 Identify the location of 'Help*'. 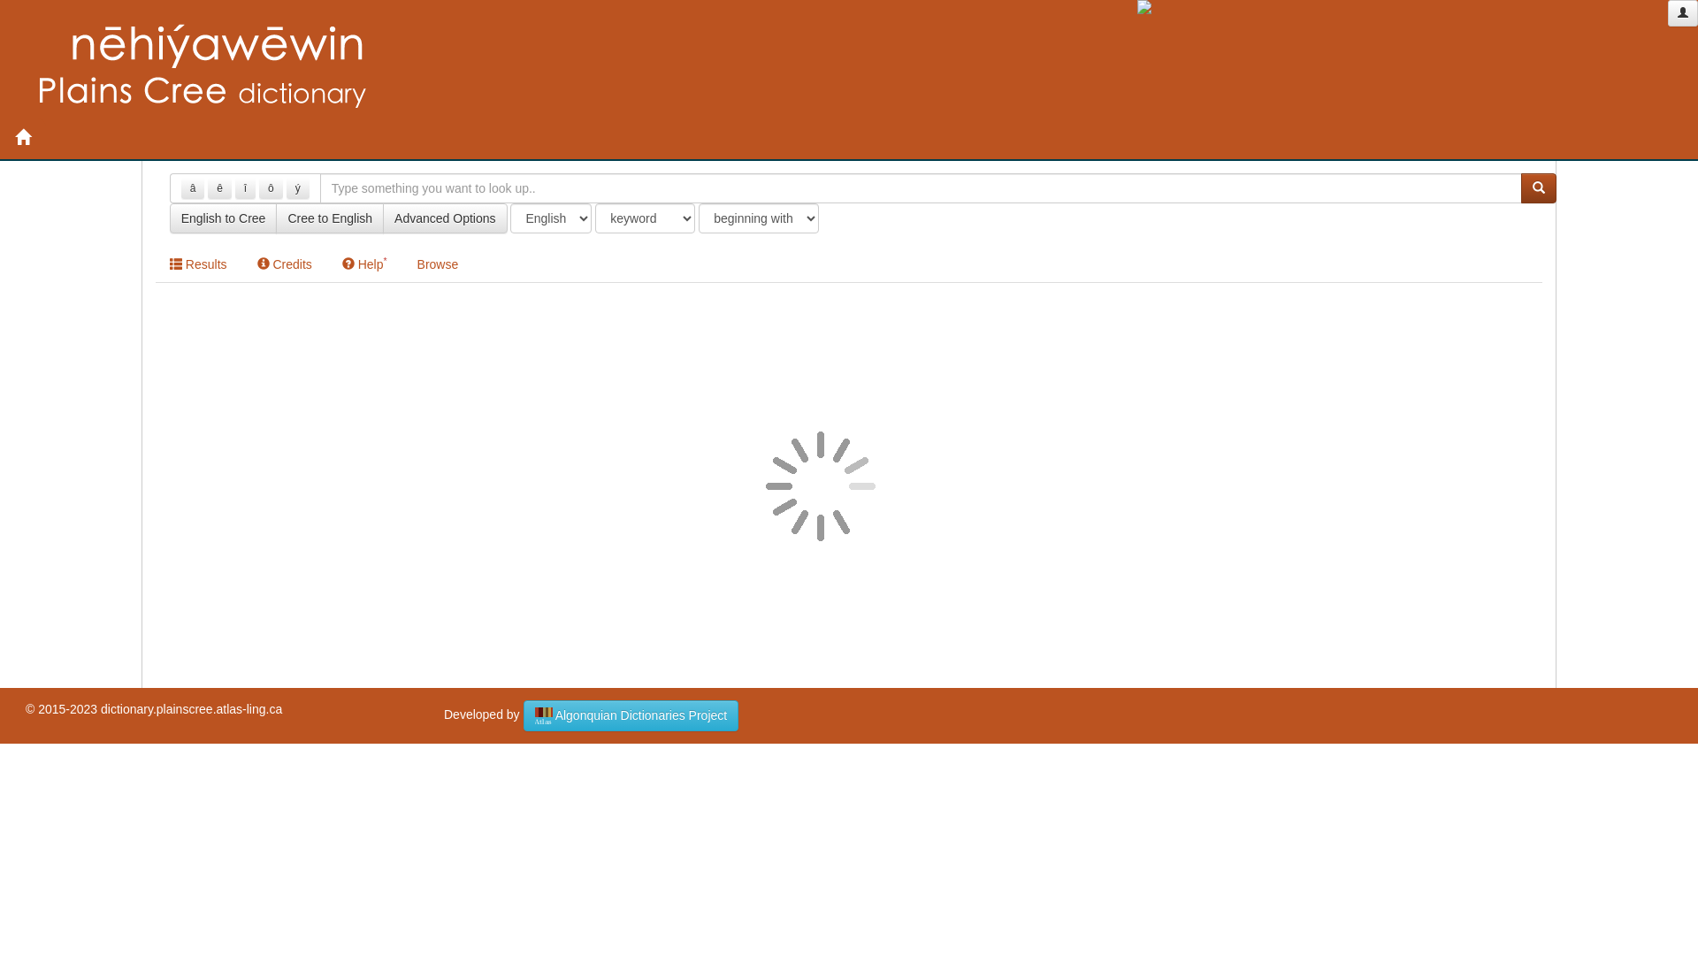
(363, 264).